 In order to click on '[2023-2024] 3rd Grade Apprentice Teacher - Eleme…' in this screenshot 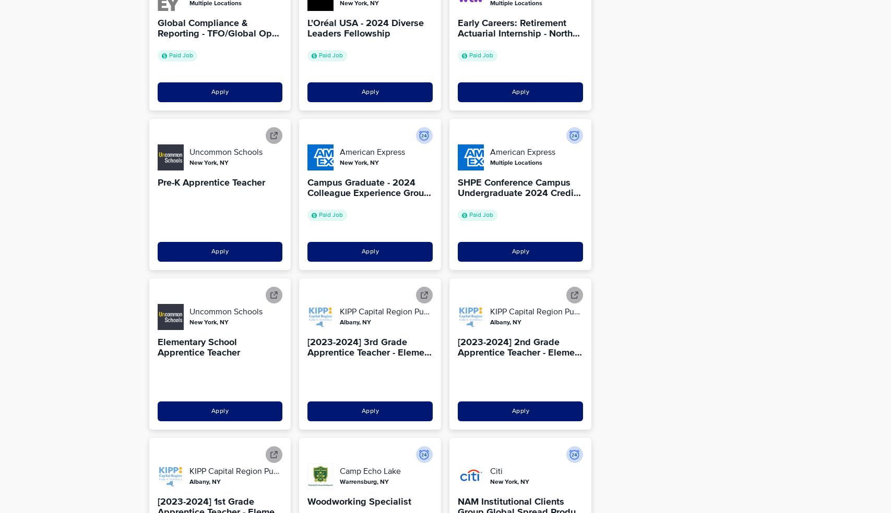, I will do `click(307, 347)`.